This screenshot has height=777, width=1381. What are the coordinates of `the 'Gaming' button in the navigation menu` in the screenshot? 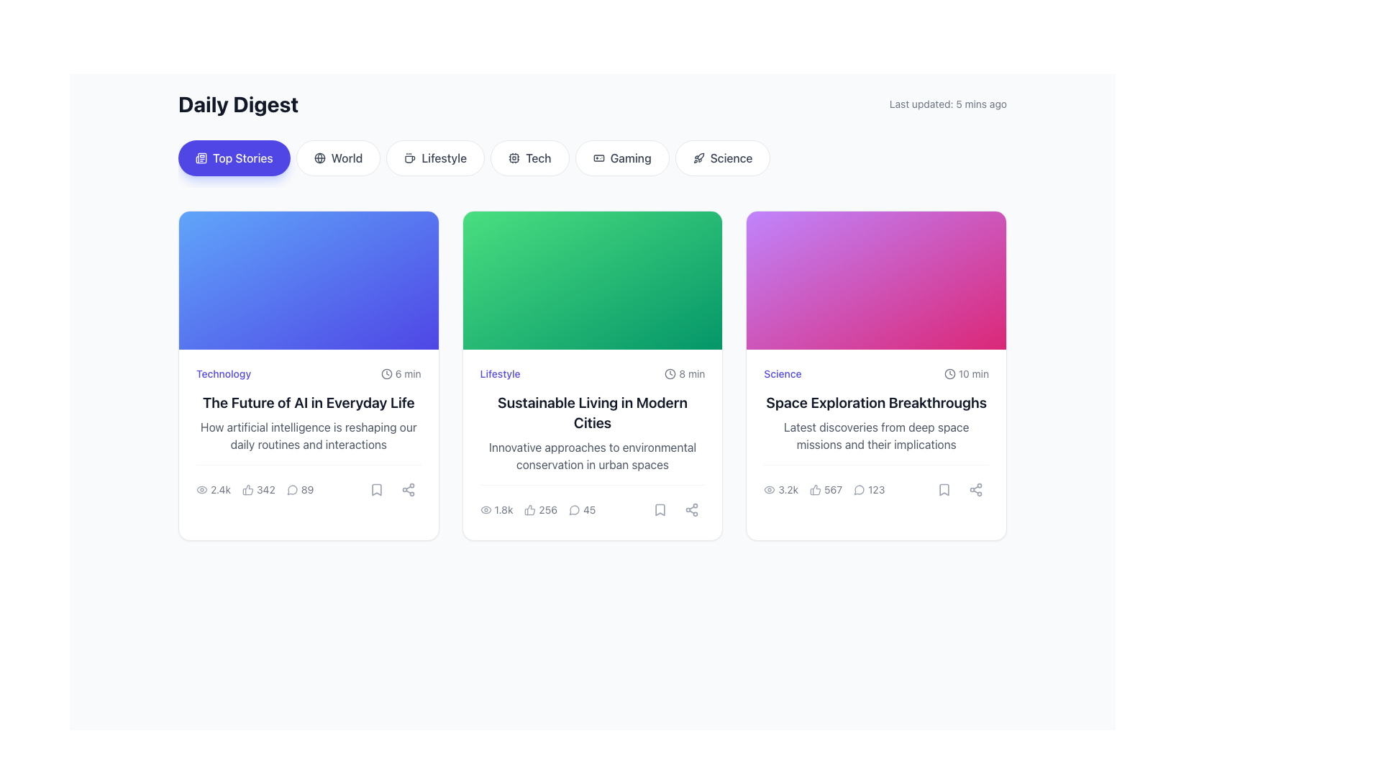 It's located at (622, 158).